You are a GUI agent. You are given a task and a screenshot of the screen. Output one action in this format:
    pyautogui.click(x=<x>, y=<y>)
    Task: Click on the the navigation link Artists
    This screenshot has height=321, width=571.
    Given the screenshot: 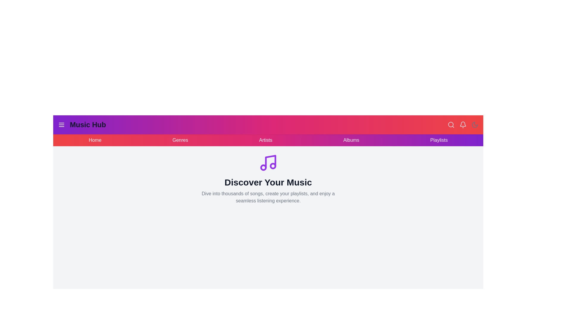 What is the action you would take?
    pyautogui.click(x=265, y=140)
    